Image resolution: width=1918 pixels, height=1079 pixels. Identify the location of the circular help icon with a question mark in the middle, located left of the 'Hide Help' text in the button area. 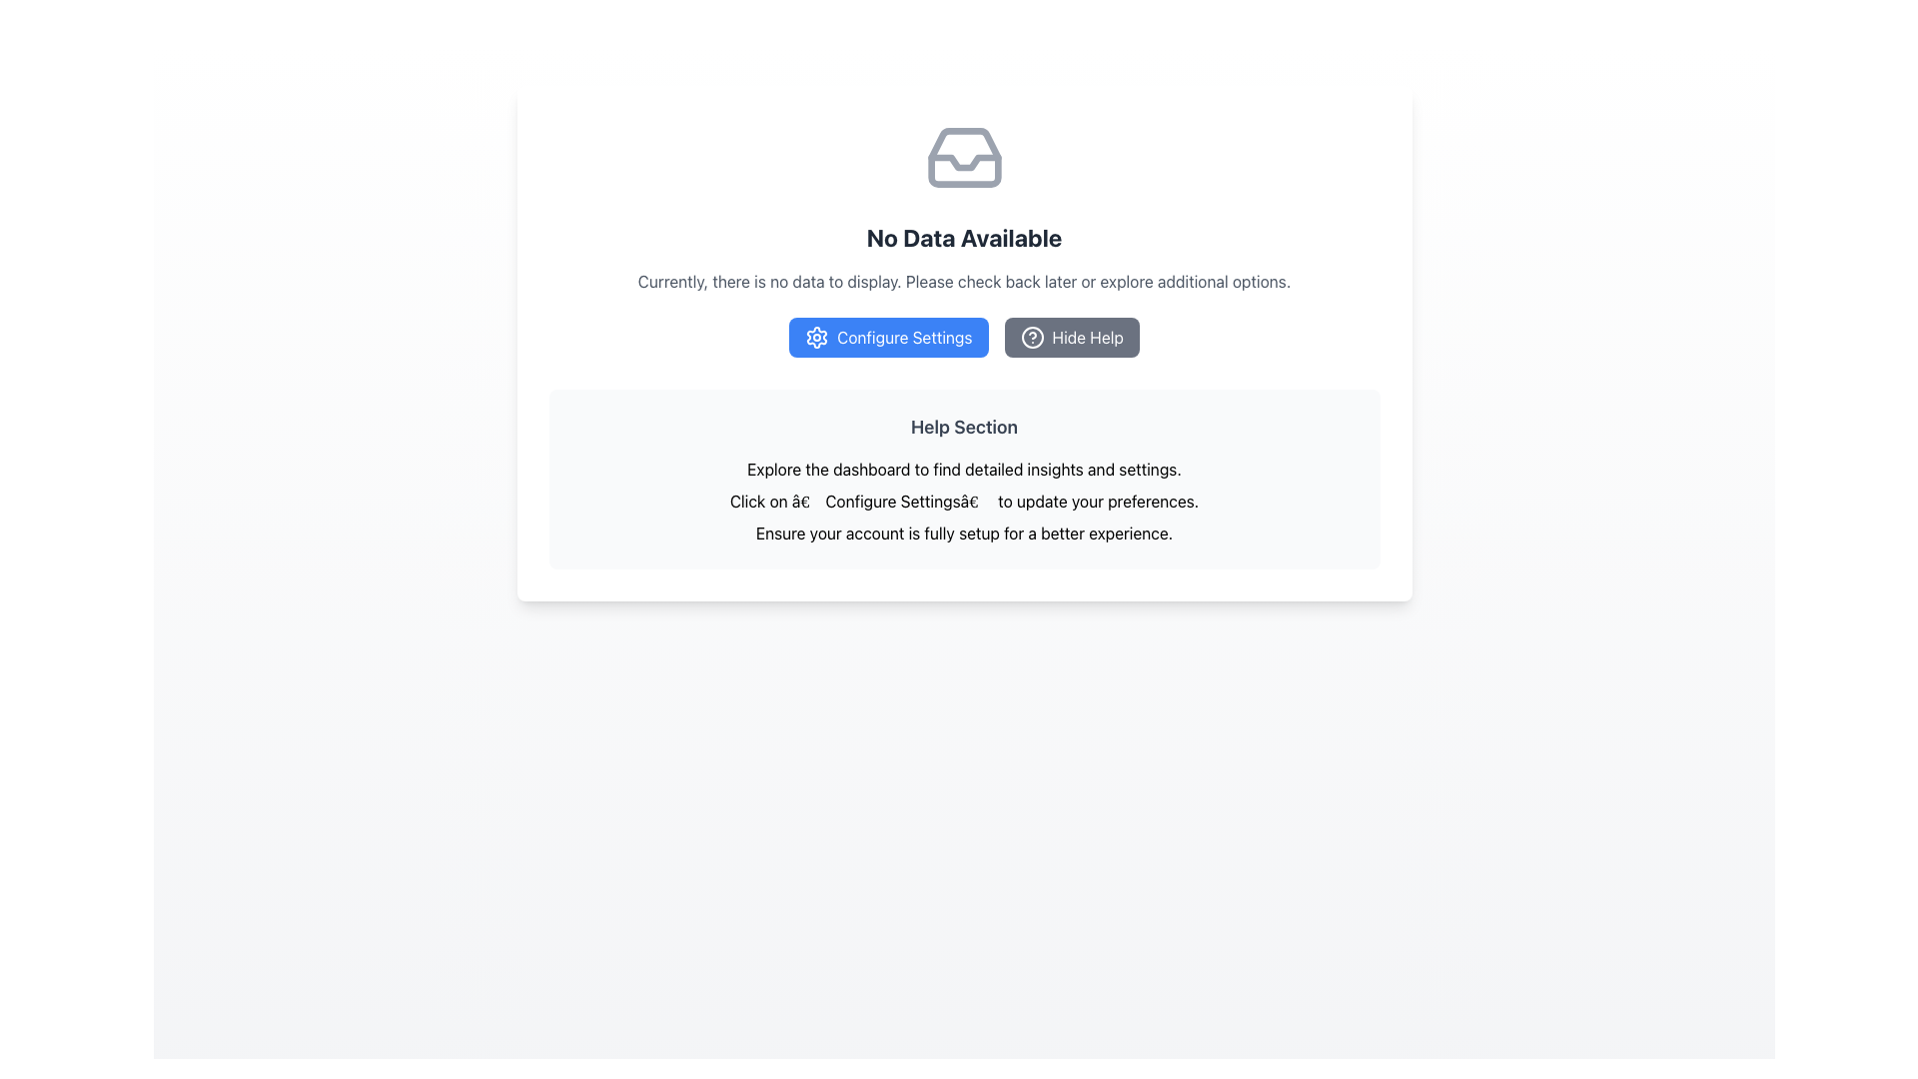
(1032, 337).